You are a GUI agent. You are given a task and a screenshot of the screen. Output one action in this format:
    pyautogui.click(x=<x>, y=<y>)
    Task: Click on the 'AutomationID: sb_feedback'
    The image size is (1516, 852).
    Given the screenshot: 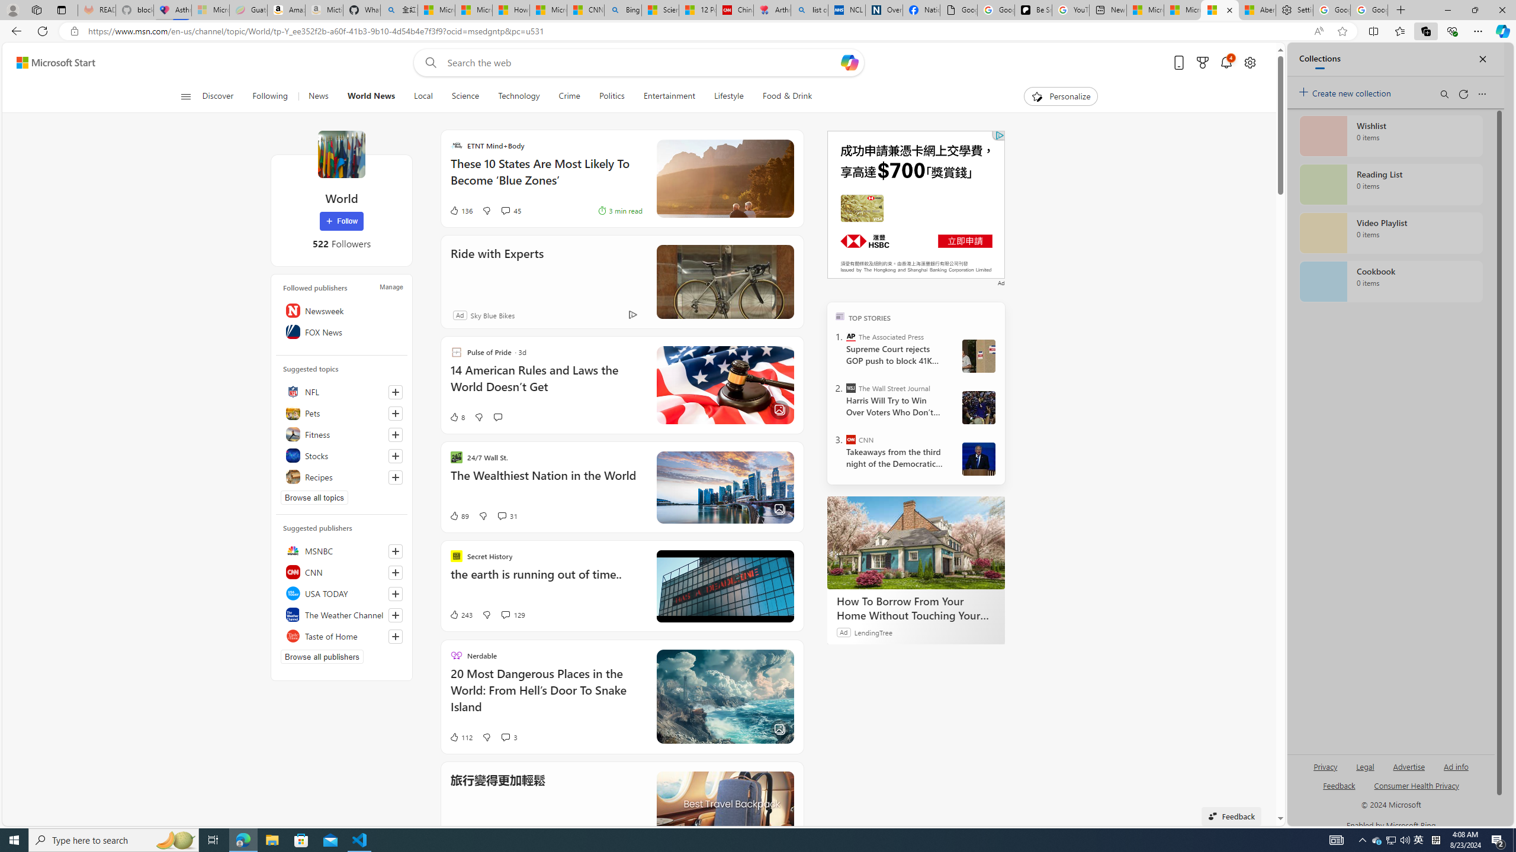 What is the action you would take?
    pyautogui.click(x=1339, y=784)
    